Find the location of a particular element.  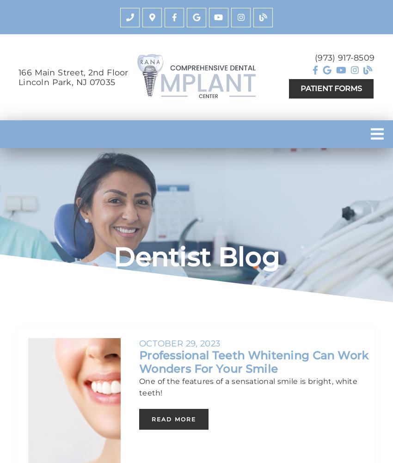

'October 29, 2023' is located at coordinates (139, 343).